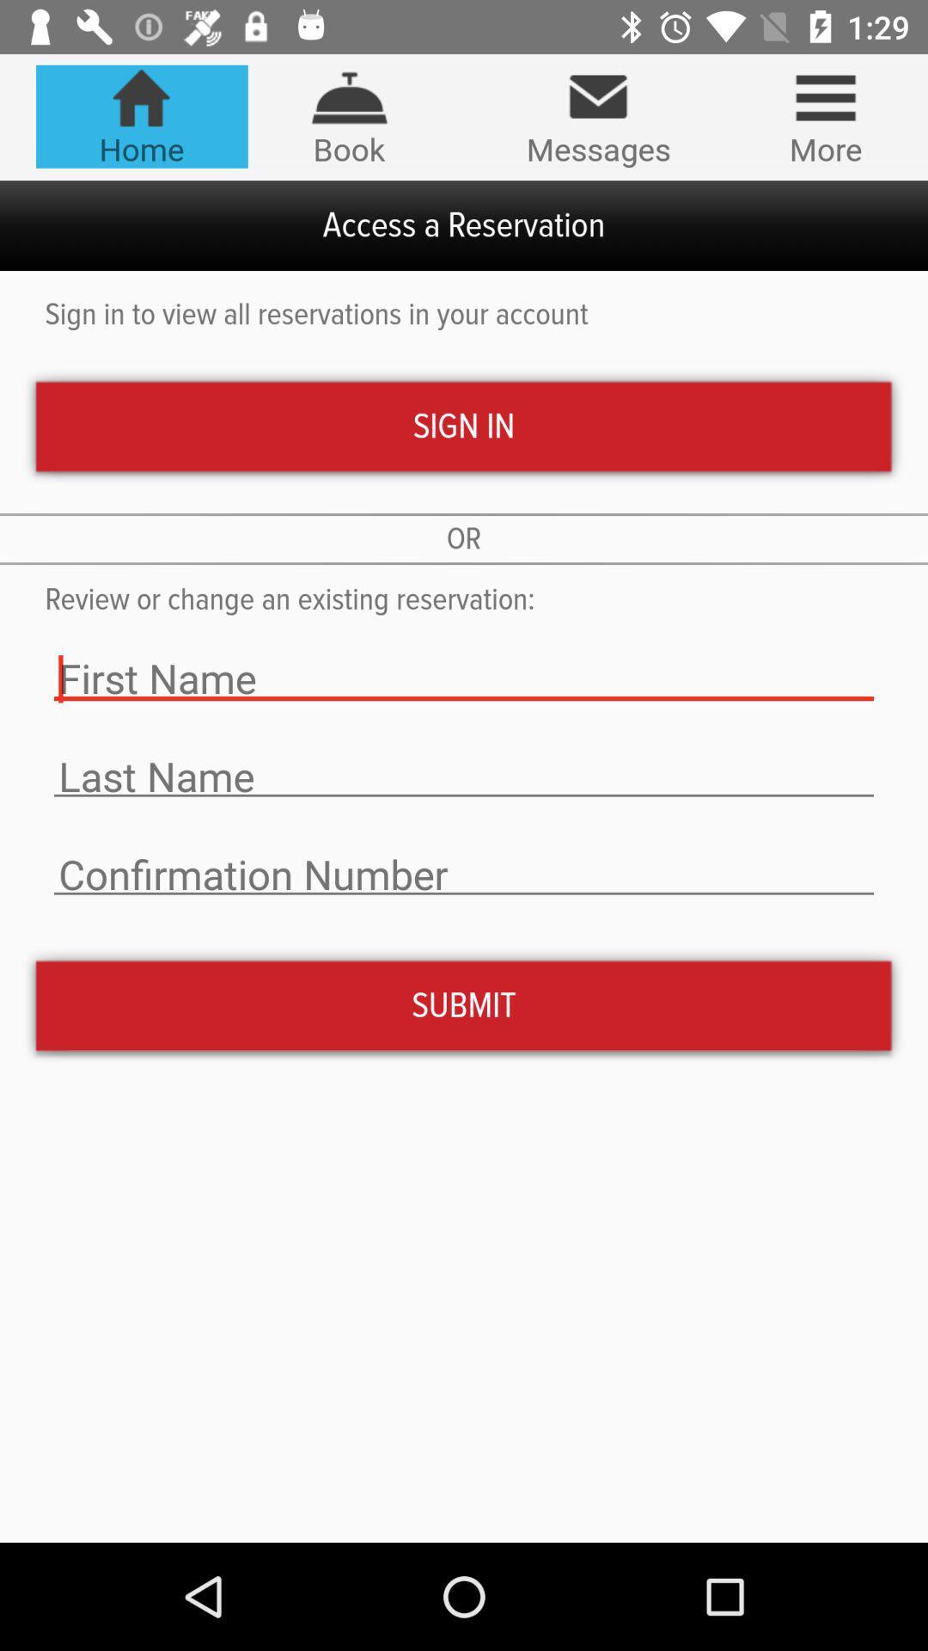 This screenshot has height=1651, width=928. I want to click on the more icon, so click(825, 115).